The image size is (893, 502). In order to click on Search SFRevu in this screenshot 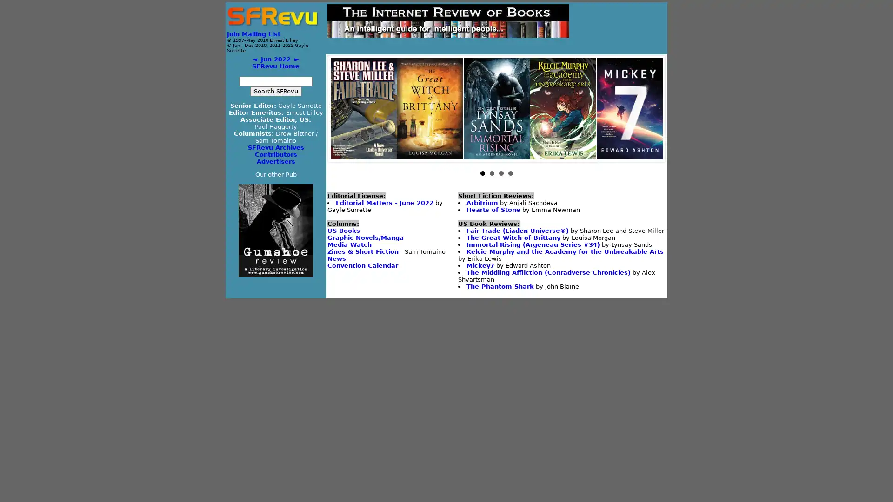, I will do `click(275, 91)`.